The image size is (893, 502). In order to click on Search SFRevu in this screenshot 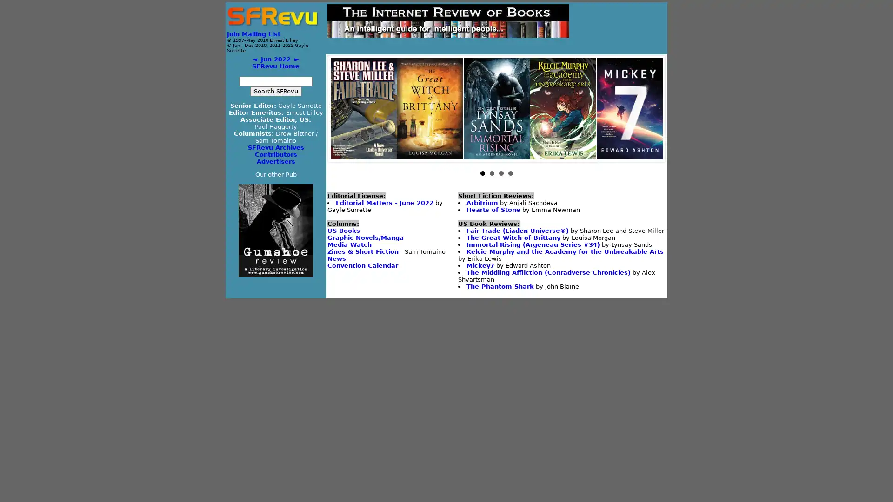, I will do `click(275, 91)`.